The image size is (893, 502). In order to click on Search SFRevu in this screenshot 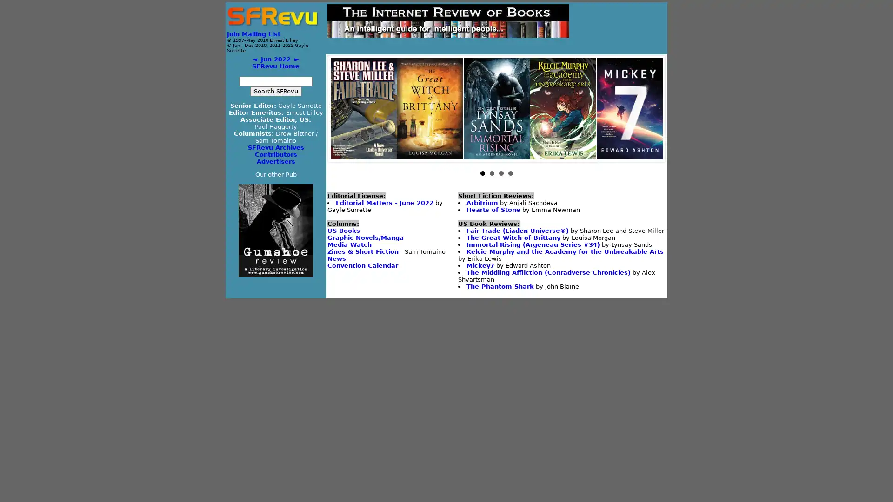, I will do `click(275, 91)`.